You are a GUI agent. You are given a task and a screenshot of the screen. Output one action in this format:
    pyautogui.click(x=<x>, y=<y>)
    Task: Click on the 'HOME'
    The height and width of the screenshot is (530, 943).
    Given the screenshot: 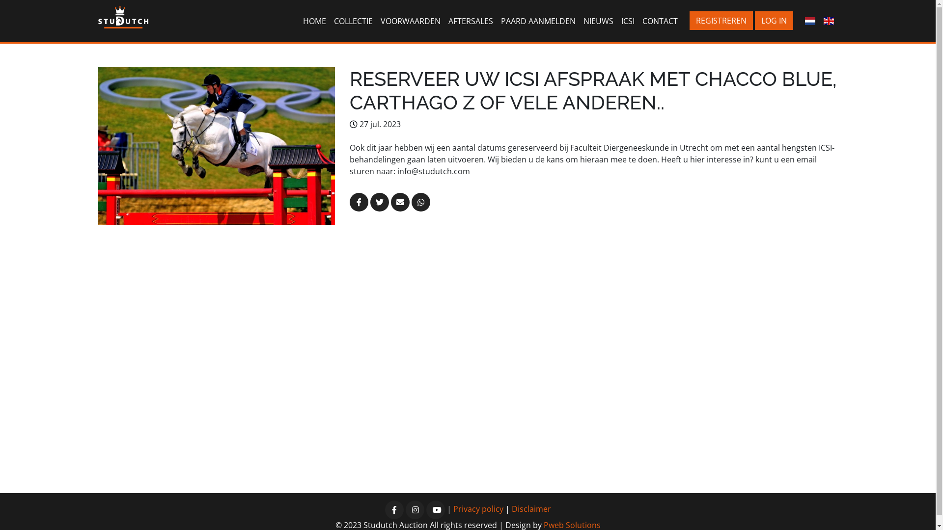 What is the action you would take?
    pyautogui.click(x=314, y=21)
    